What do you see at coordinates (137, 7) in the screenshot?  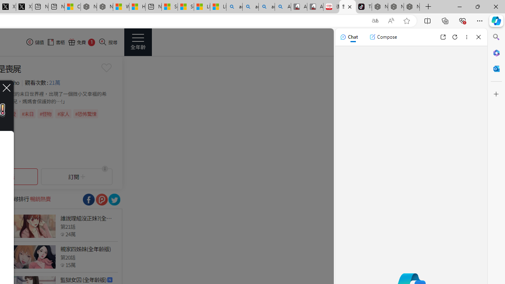 I see `'Huge shark washes ashore at New York City beach | Watch'` at bounding box center [137, 7].